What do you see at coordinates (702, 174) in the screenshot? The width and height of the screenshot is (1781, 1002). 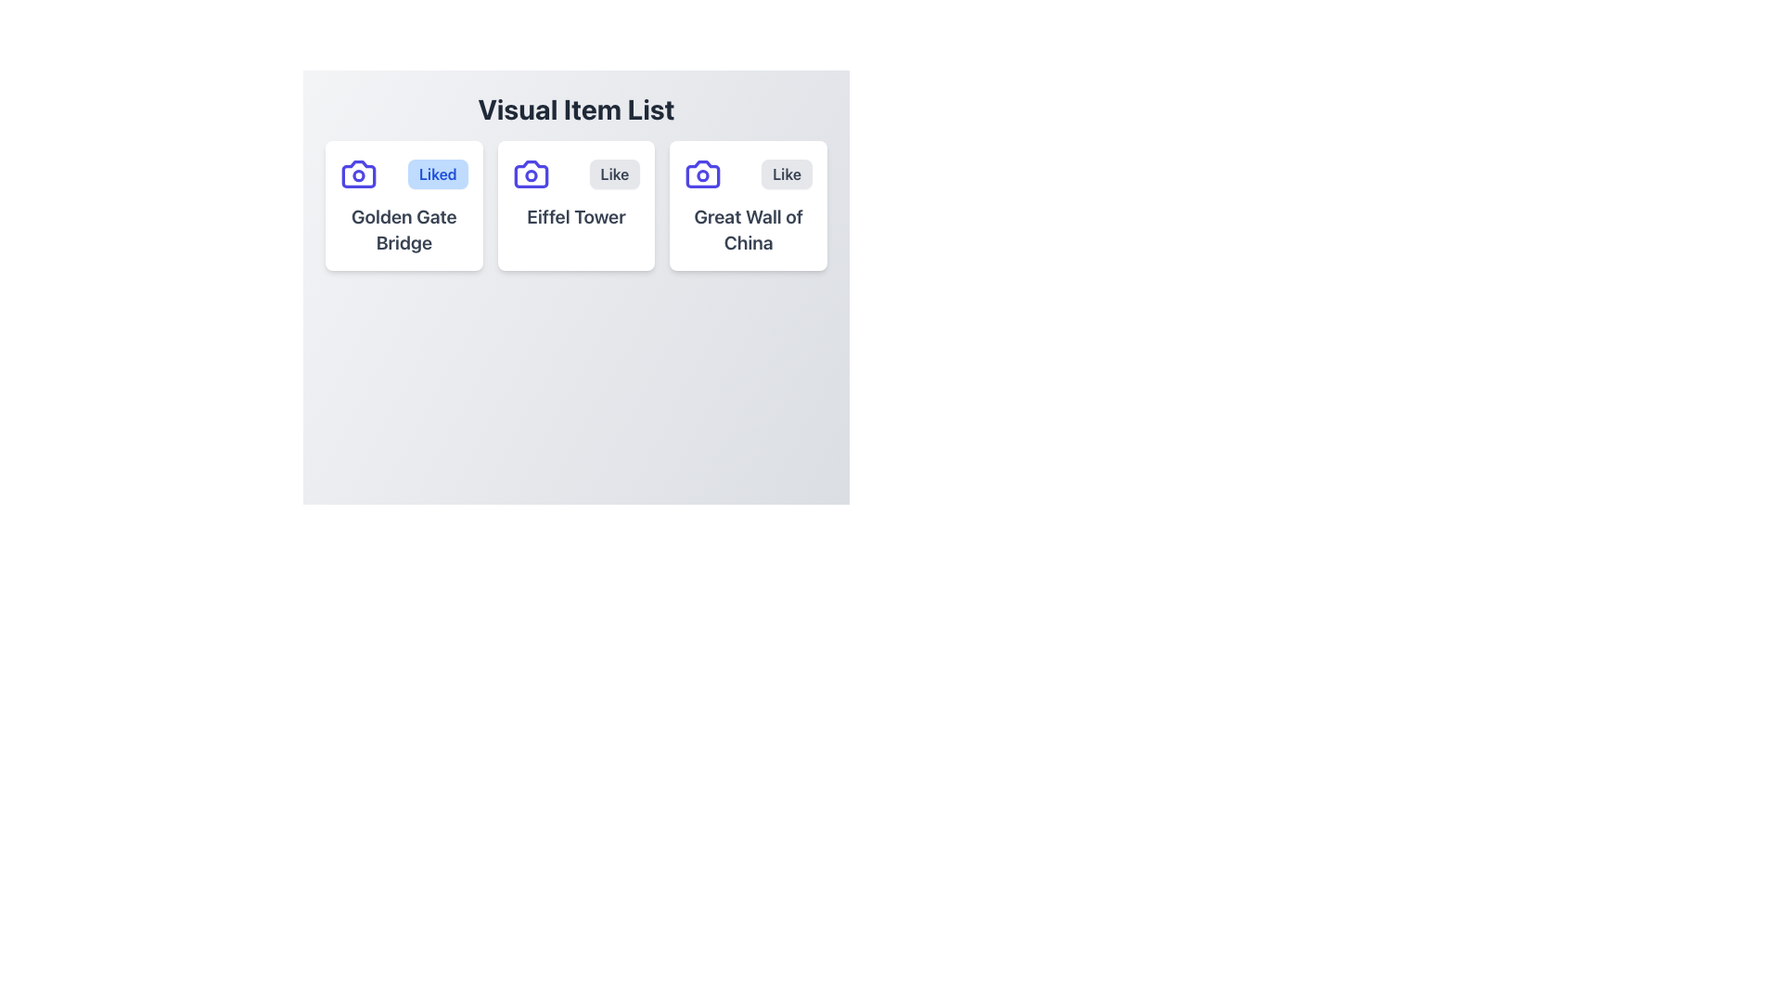 I see `the icon representing the 'Great Wall of China'` at bounding box center [702, 174].